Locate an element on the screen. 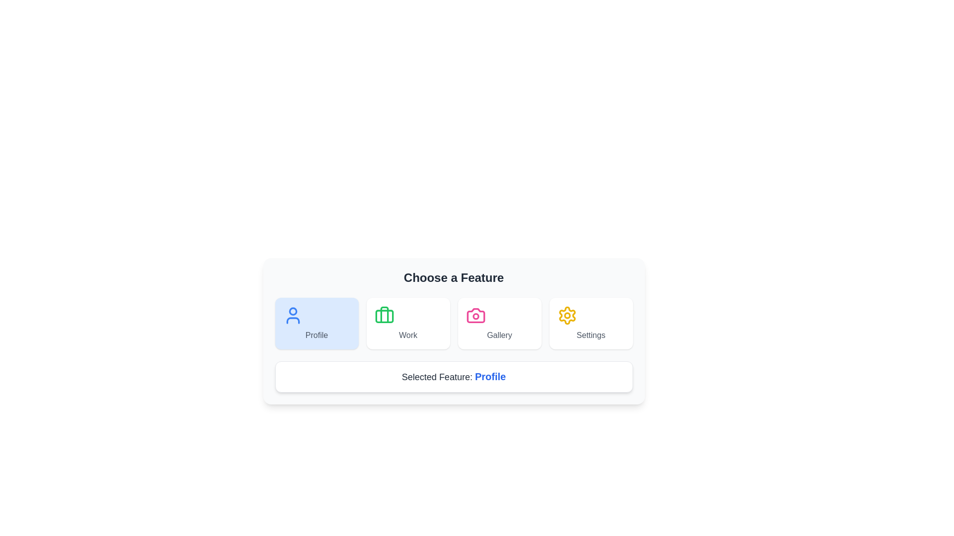 The height and width of the screenshot is (536, 954). the curved bottom portion of the user icon illustration within the 'Profile' feature selection box is located at coordinates (292, 320).